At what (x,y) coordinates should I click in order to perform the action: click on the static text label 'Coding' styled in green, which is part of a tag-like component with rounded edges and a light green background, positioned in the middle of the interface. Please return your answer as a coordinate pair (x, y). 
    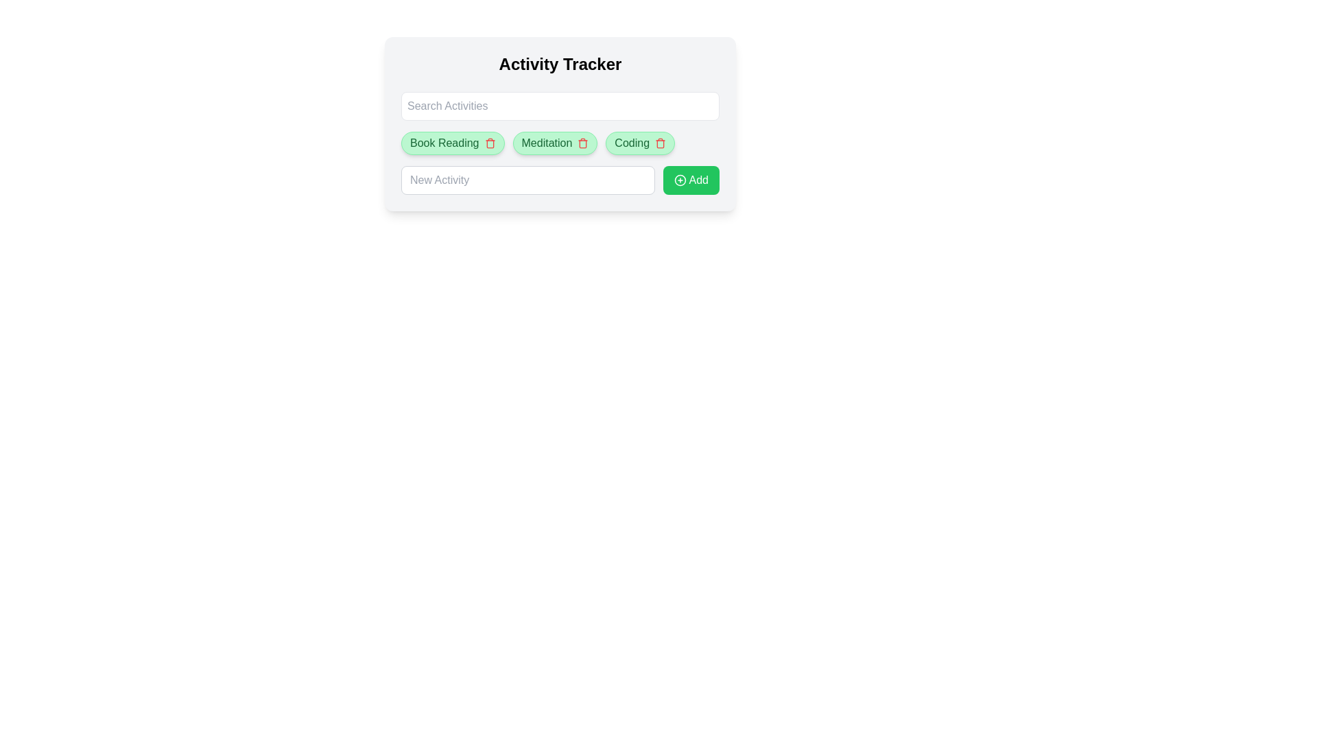
    Looking at the image, I should click on (631, 143).